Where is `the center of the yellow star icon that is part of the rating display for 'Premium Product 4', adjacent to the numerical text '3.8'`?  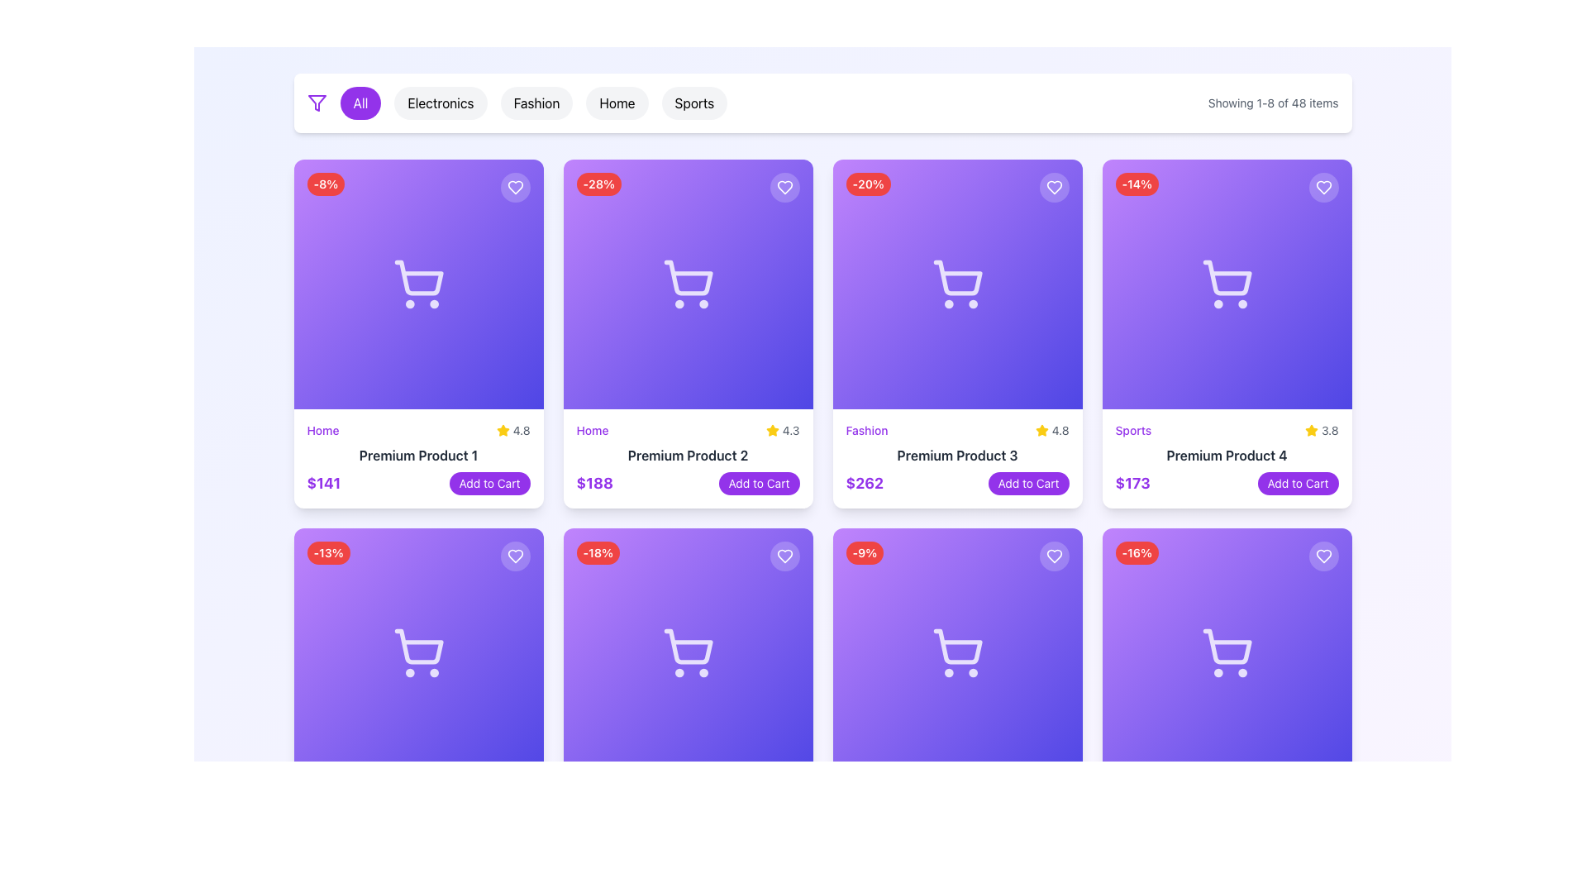 the center of the yellow star icon that is part of the rating display for 'Premium Product 4', adjacent to the numerical text '3.8' is located at coordinates (1311, 429).